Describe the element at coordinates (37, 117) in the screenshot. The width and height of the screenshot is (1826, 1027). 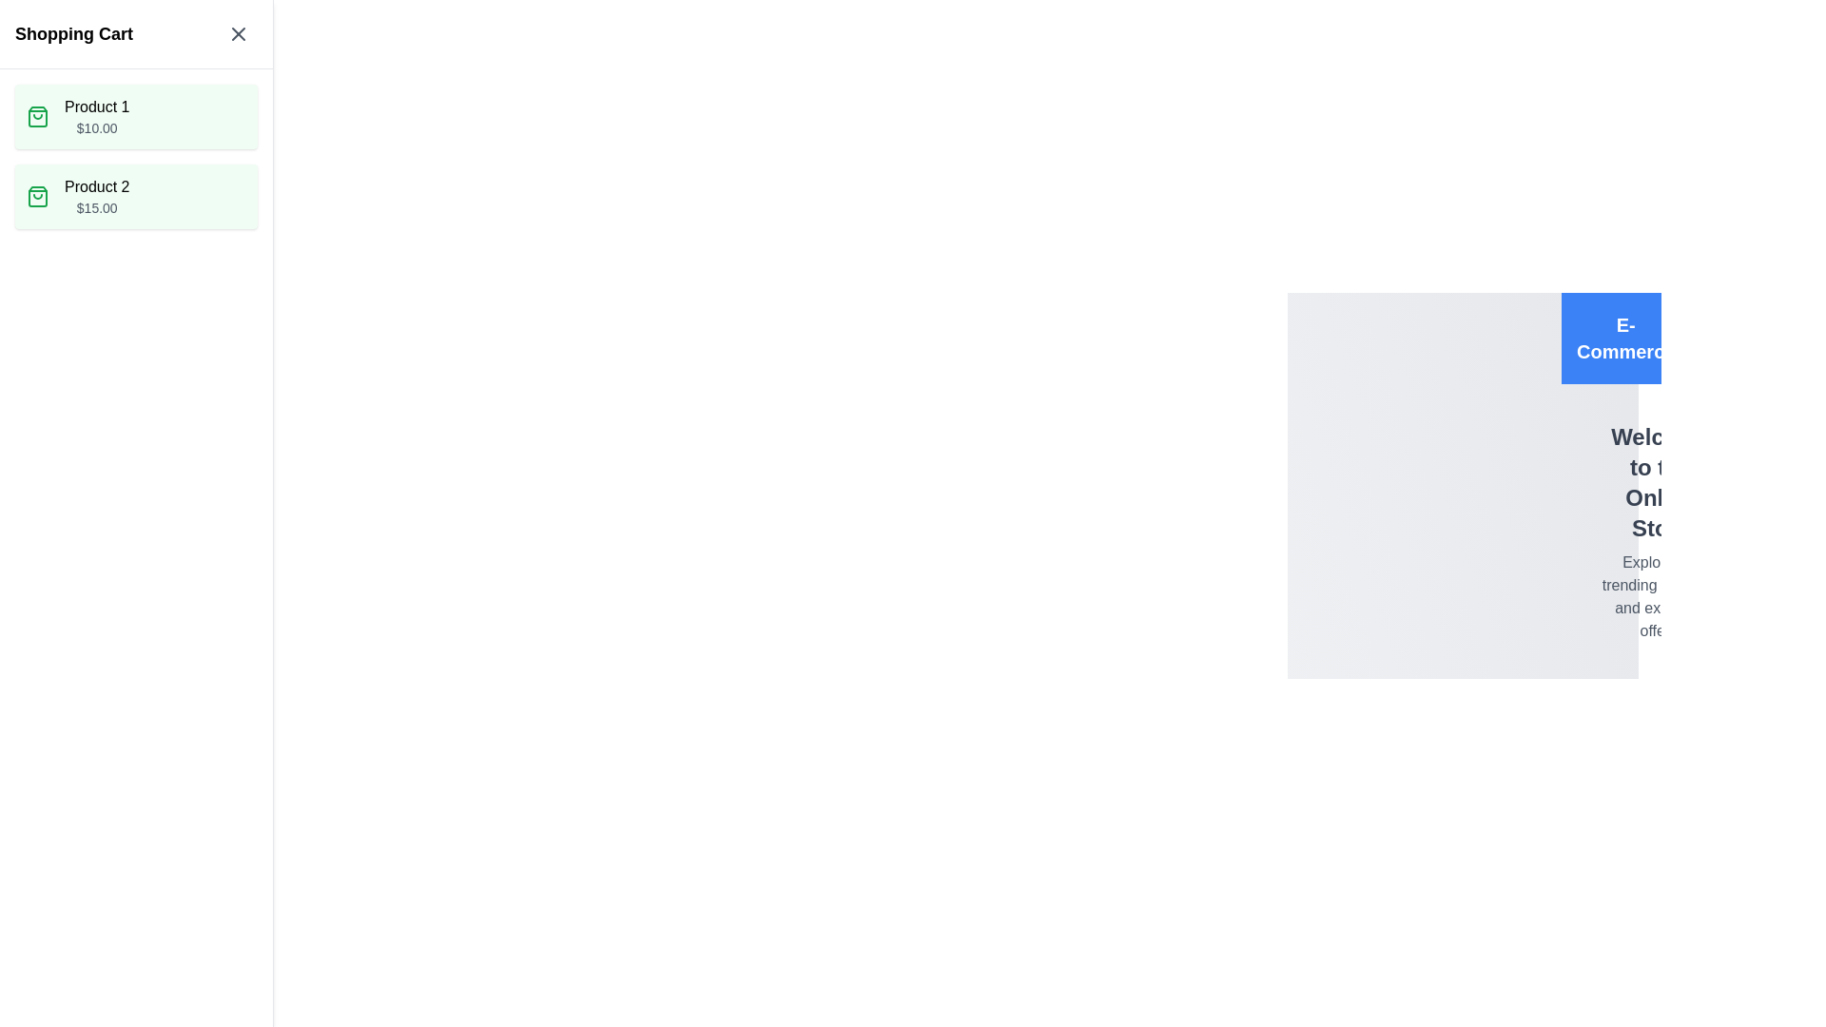
I see `the icon located to the left of 'Product 1' and '$10.00' in the upper-left region of the first product entry within the 'Shopping Cart' section` at that location.